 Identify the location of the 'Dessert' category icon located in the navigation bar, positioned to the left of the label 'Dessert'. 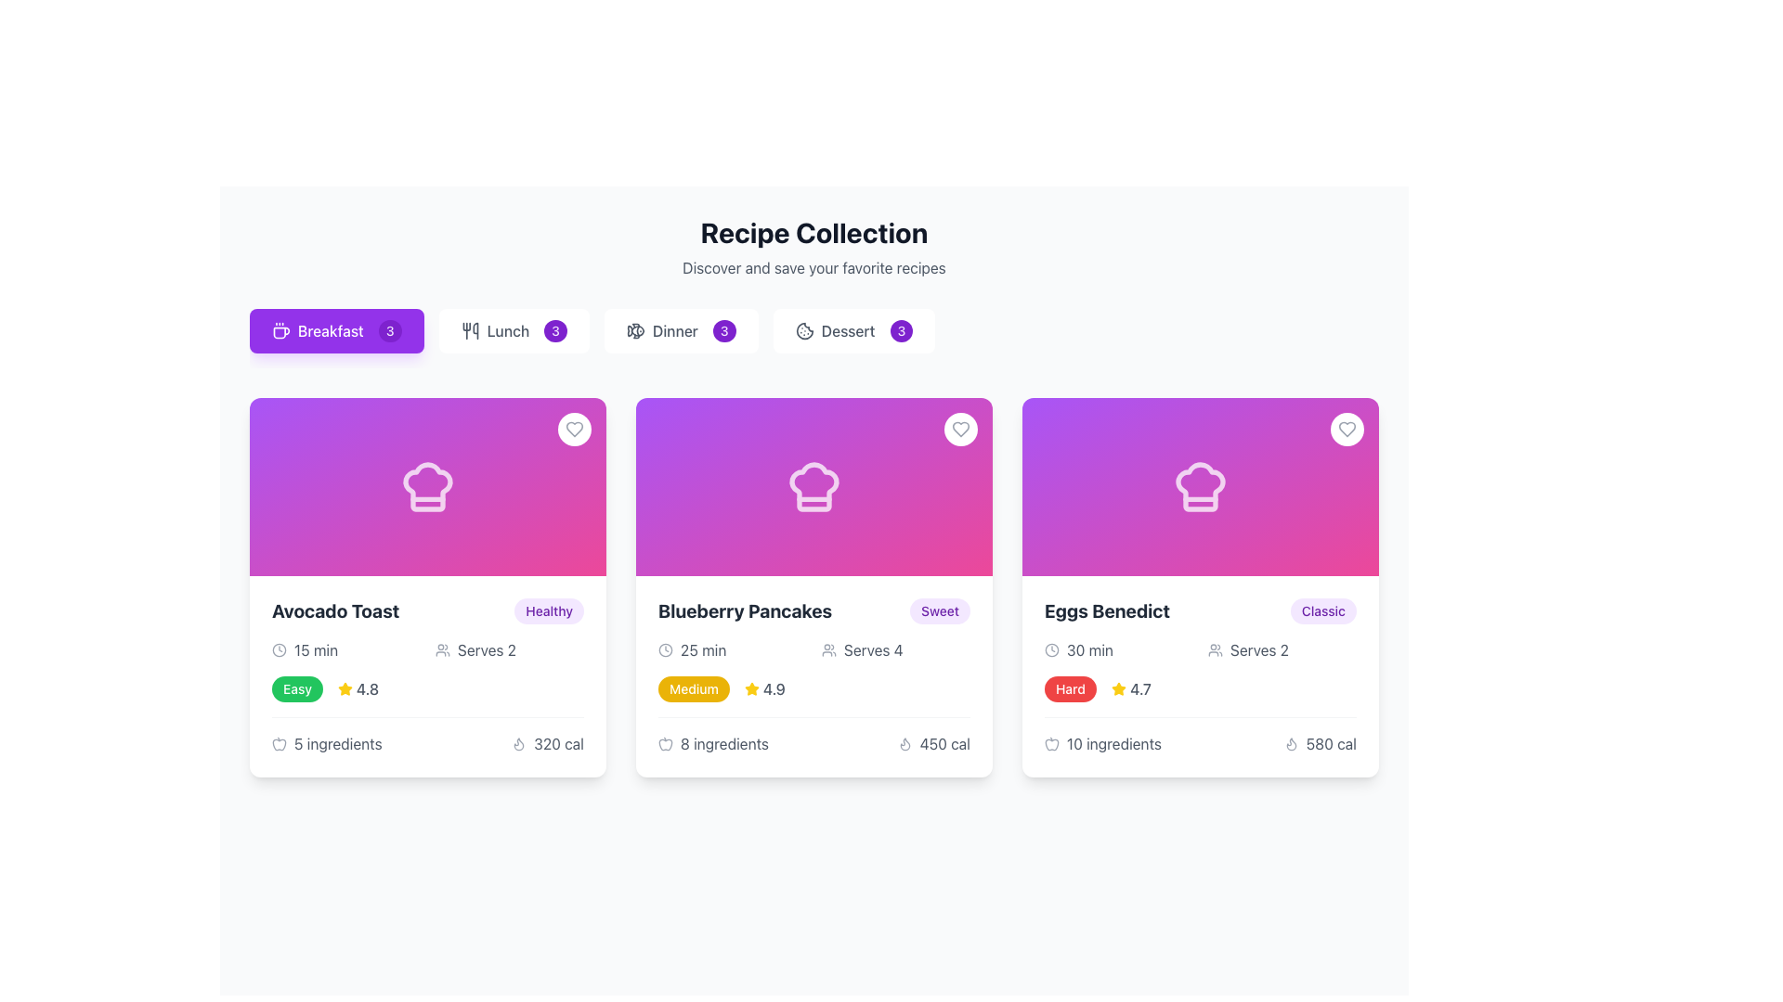
(804, 330).